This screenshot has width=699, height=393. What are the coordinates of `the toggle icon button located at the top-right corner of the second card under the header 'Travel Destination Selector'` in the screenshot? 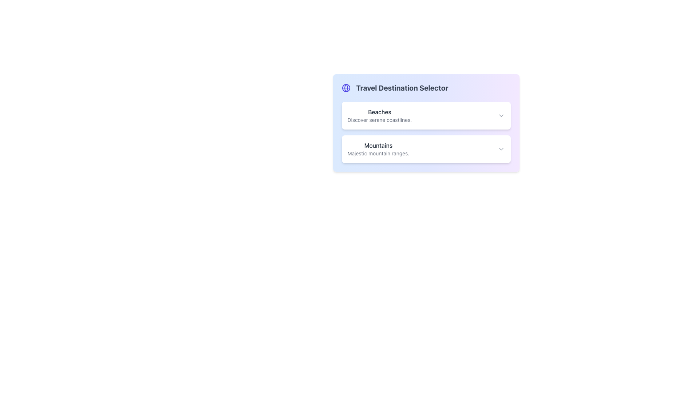 It's located at (501, 148).